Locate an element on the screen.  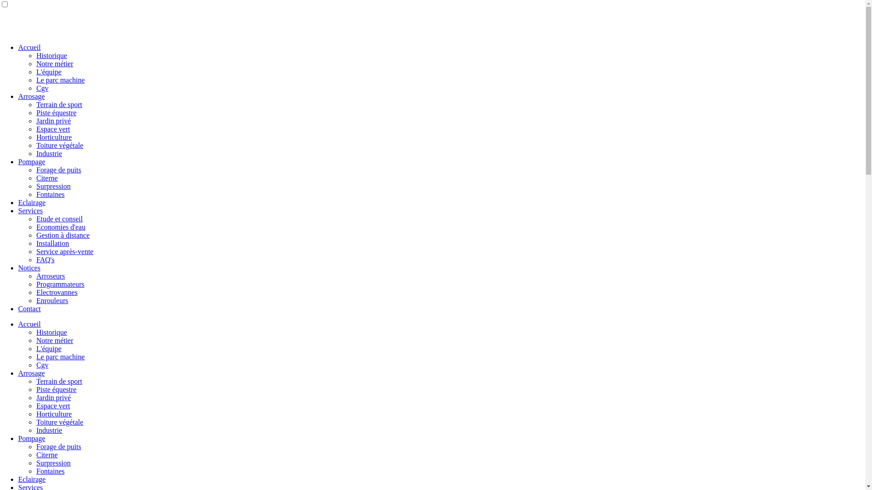
'Installation' is located at coordinates (36, 243).